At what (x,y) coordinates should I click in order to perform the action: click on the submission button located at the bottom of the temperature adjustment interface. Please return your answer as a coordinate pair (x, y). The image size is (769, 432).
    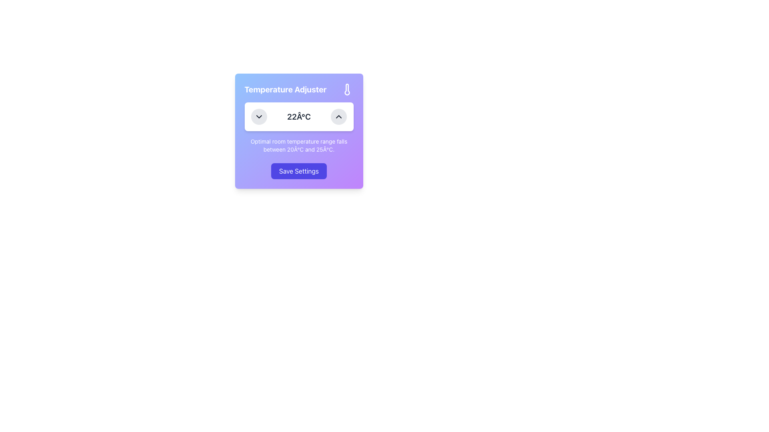
    Looking at the image, I should click on (298, 171).